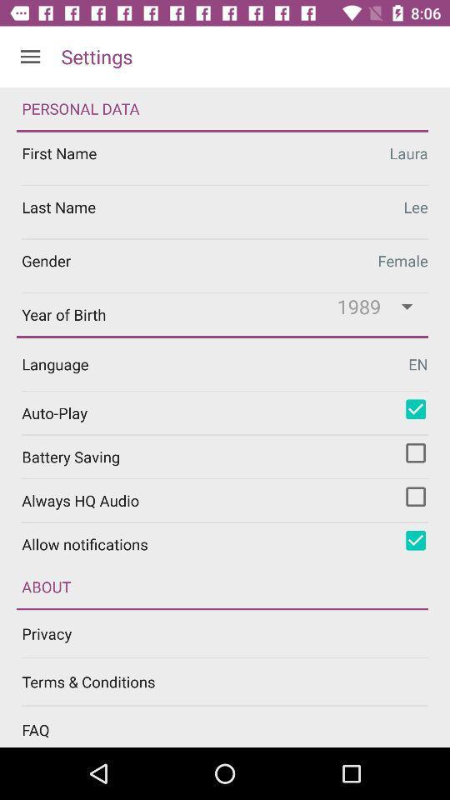  Describe the element at coordinates (225, 266) in the screenshot. I see `female` at that location.